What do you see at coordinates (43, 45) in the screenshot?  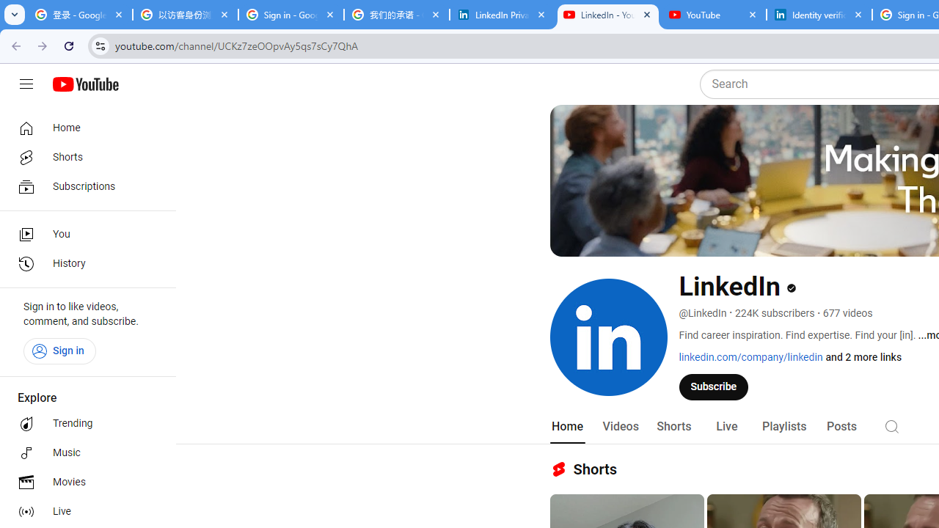 I see `'Forward'` at bounding box center [43, 45].